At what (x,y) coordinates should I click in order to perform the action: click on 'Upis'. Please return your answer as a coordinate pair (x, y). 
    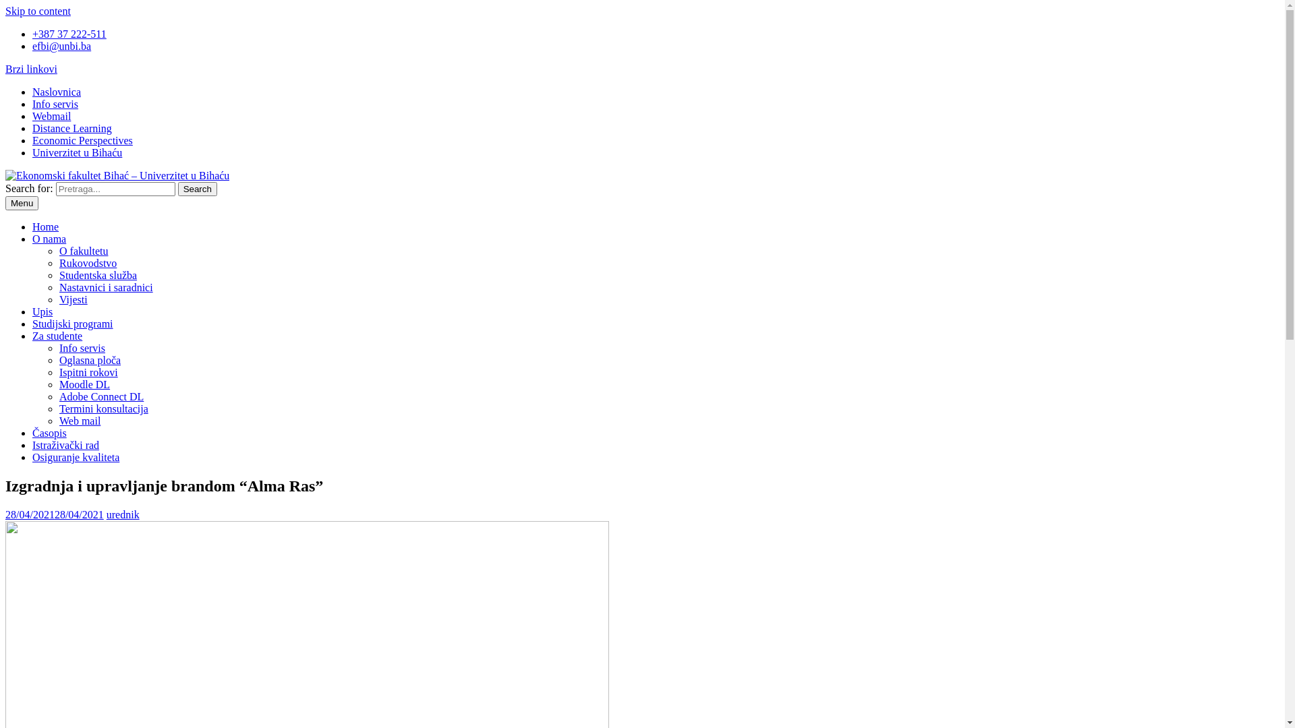
    Looking at the image, I should click on (42, 311).